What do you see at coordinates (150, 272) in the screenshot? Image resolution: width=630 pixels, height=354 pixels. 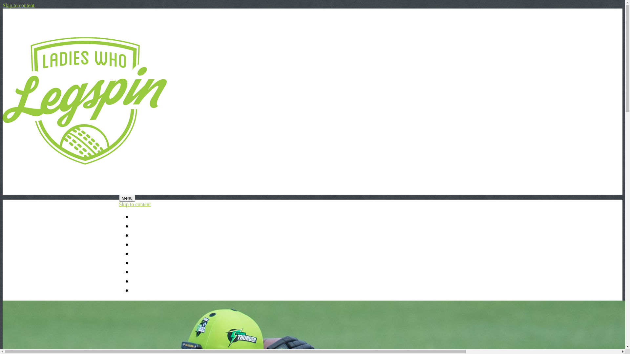 I see `'Other Sports'` at bounding box center [150, 272].